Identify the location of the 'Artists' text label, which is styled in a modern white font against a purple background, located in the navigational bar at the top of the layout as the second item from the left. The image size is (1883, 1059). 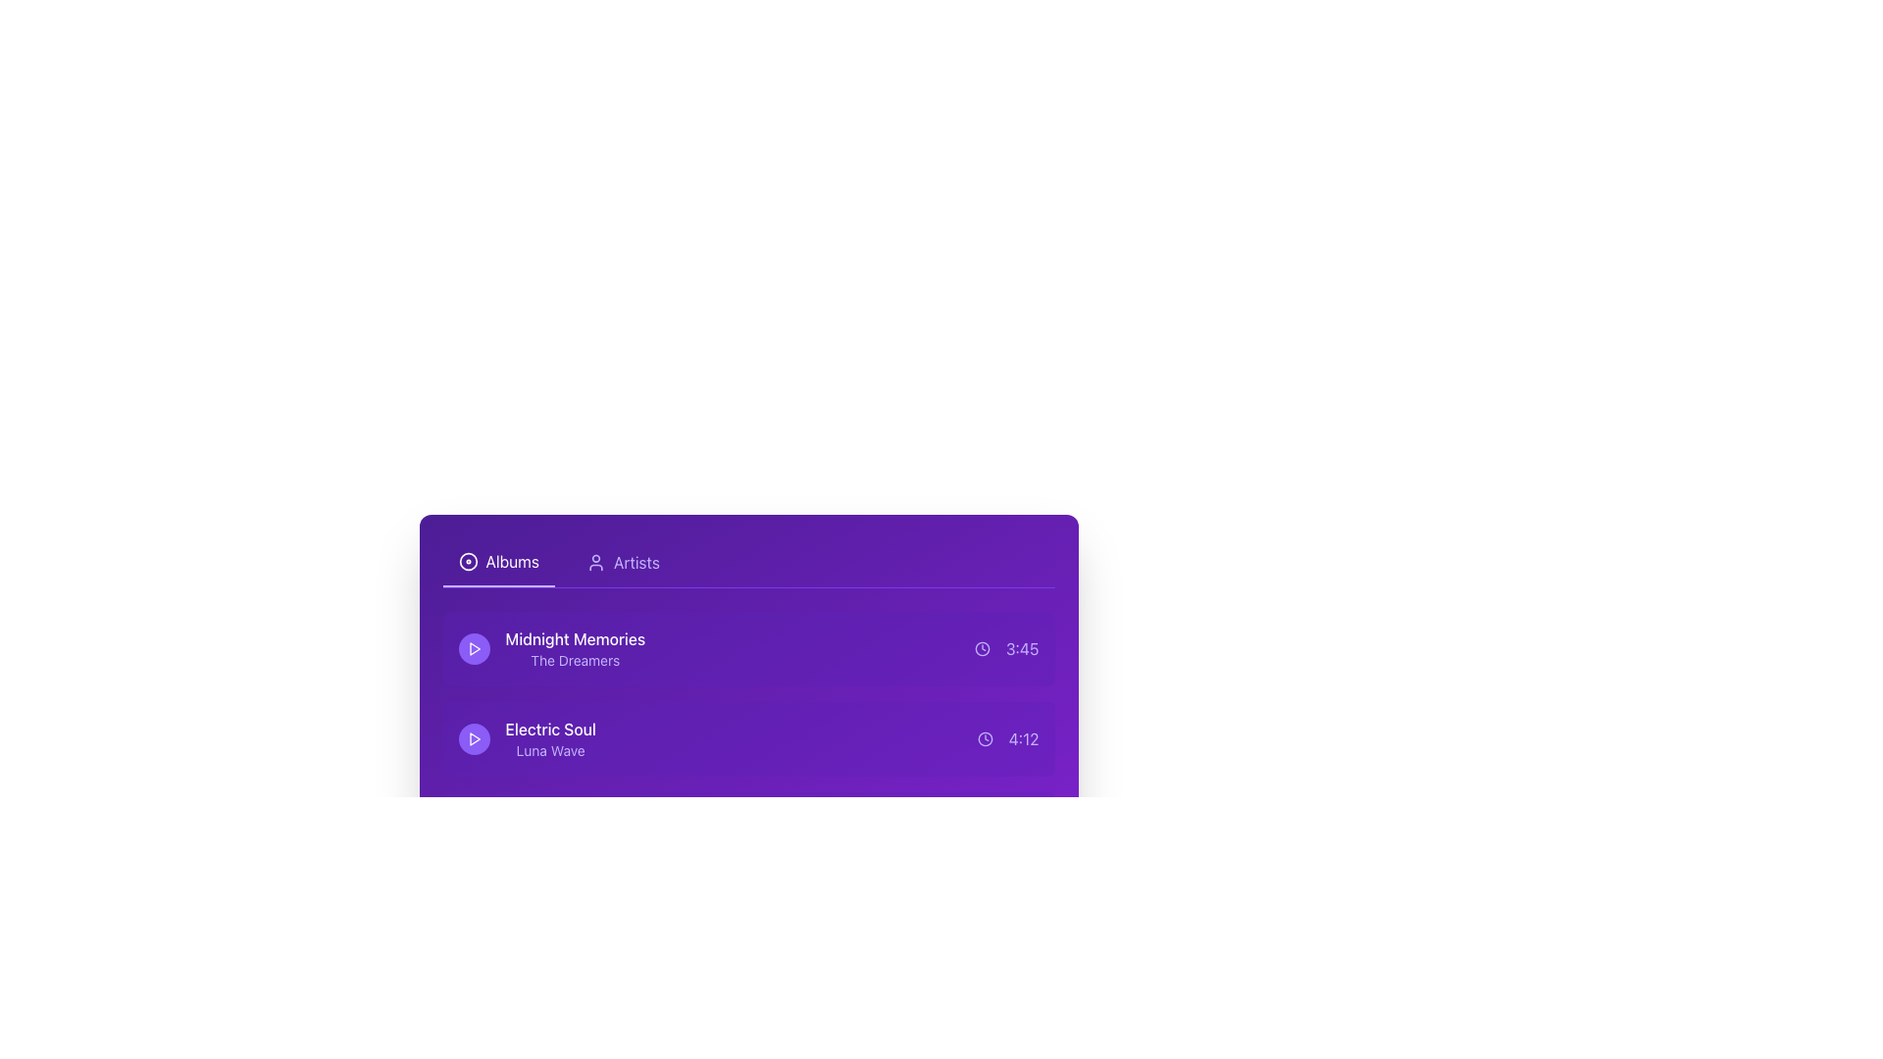
(636, 563).